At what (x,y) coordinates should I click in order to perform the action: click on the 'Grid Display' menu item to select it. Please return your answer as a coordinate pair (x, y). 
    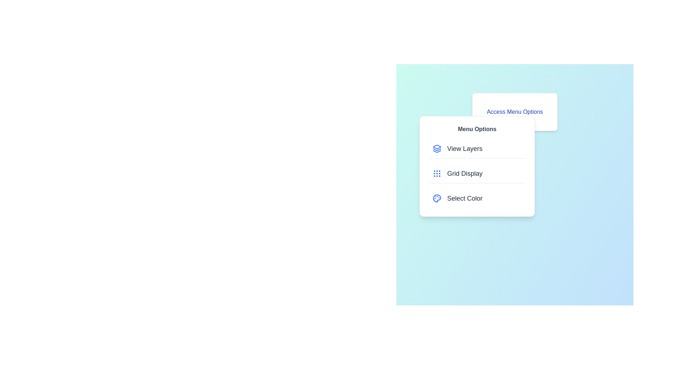
    Looking at the image, I should click on (477, 174).